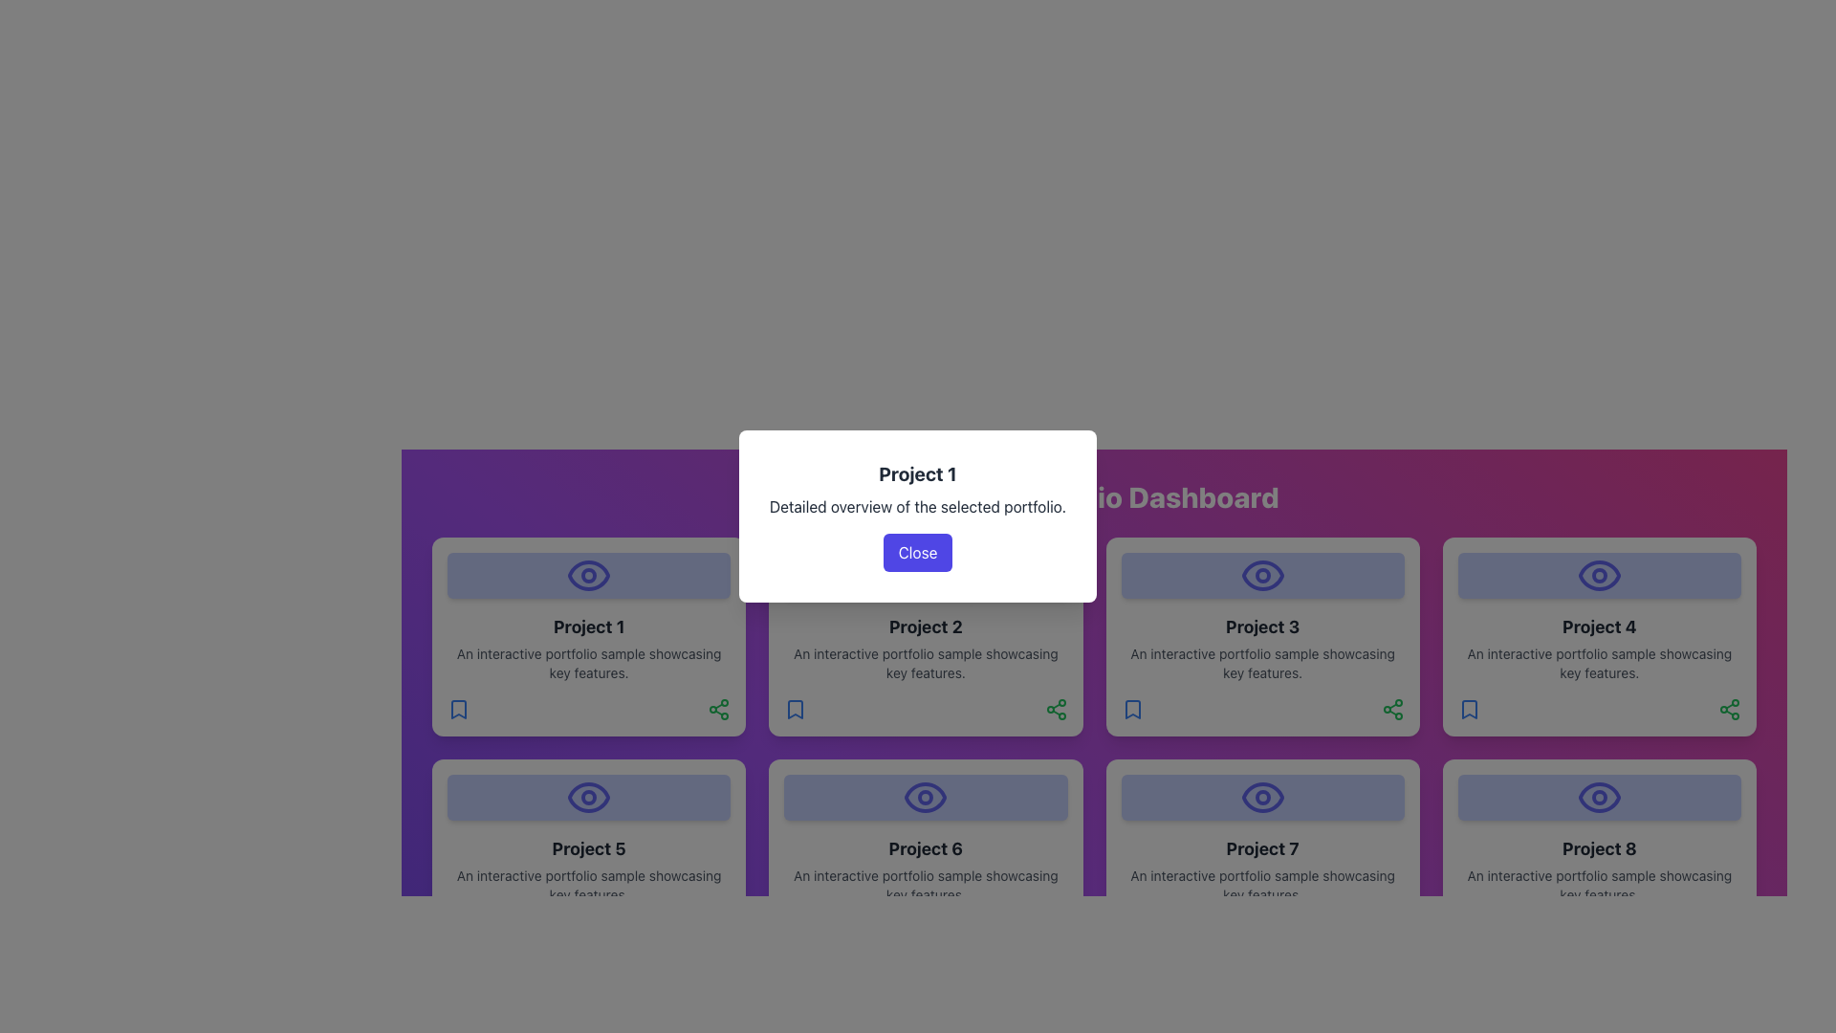 This screenshot has height=1033, width=1836. What do you see at coordinates (588, 797) in the screenshot?
I see `the eye icon located in the top central portion of the card labeled 'Project 5'` at bounding box center [588, 797].